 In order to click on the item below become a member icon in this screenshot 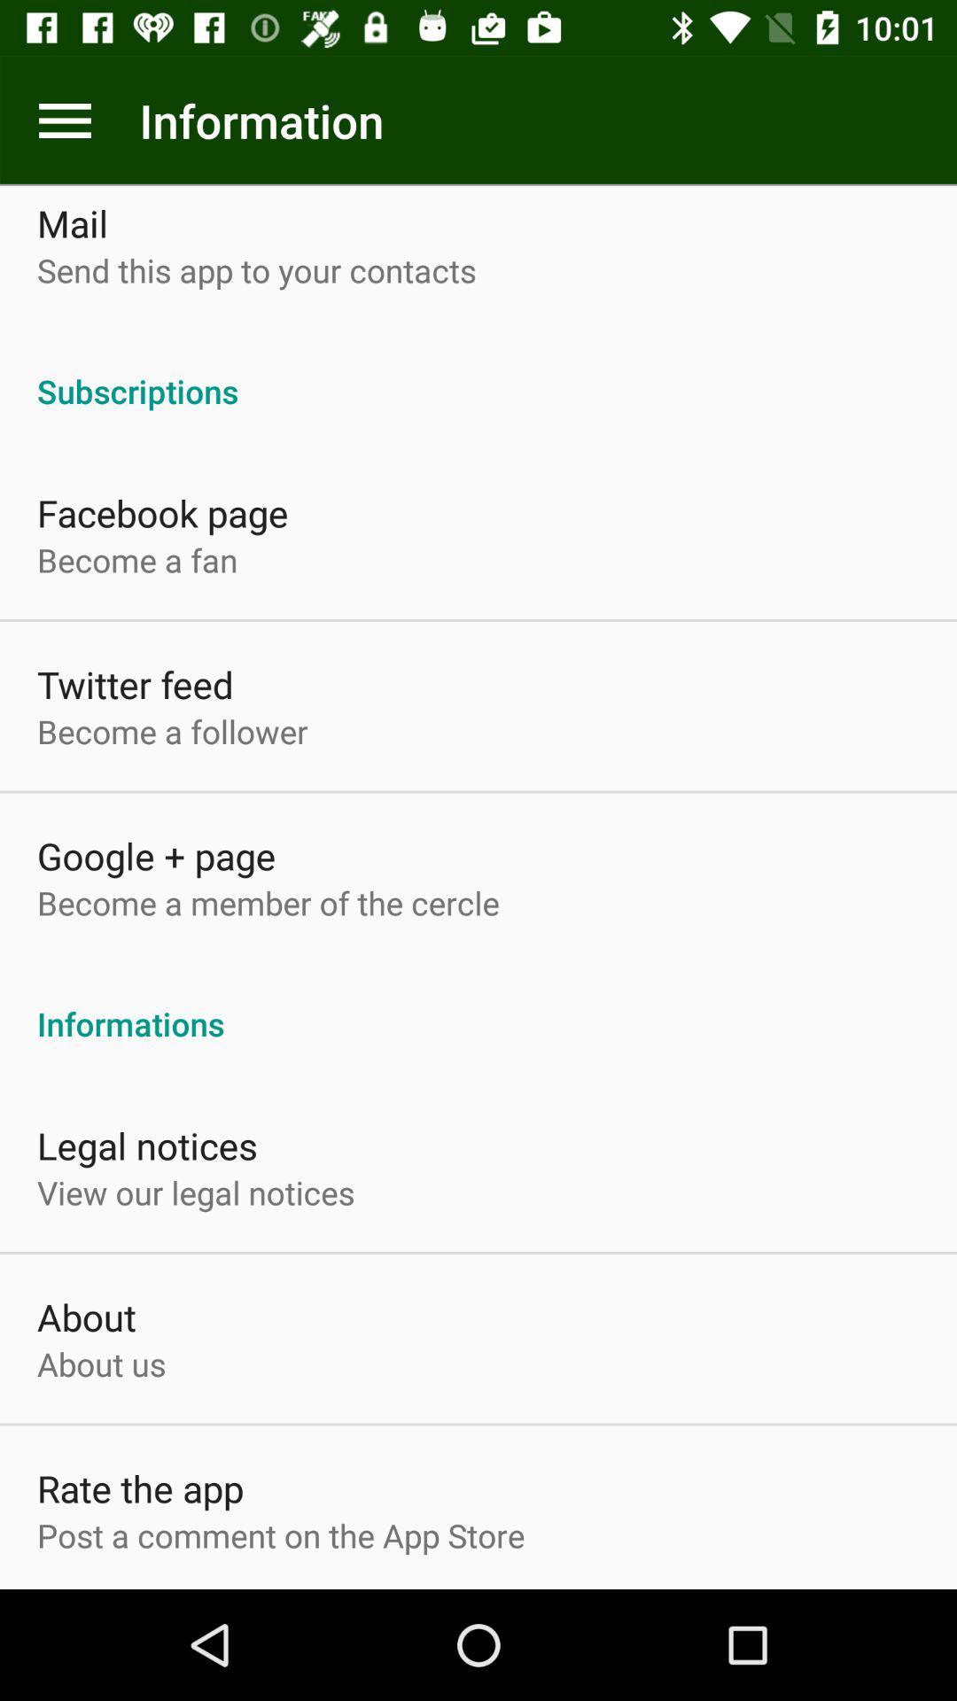, I will do `click(478, 1005)`.